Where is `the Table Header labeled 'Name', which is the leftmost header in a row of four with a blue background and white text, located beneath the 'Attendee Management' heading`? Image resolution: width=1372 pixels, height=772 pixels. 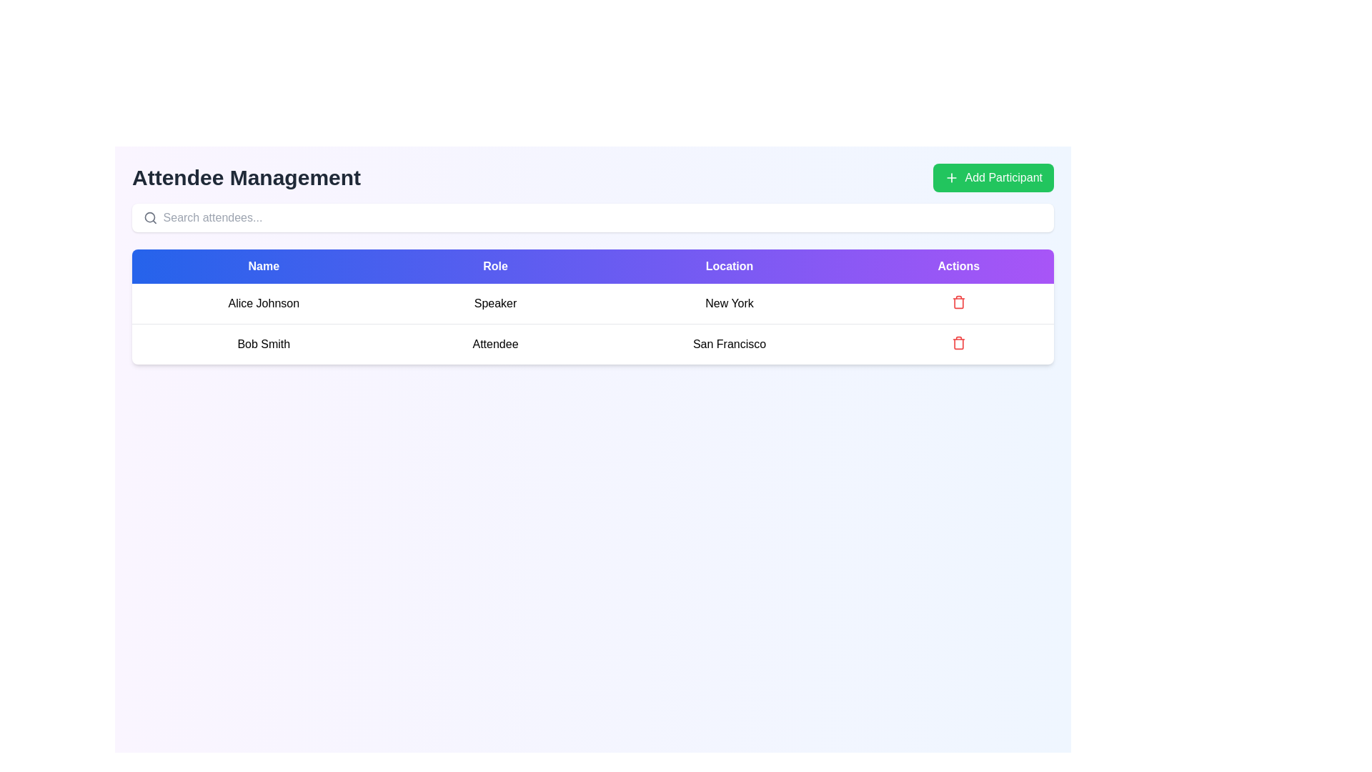 the Table Header labeled 'Name', which is the leftmost header in a row of four with a blue background and white text, located beneath the 'Attendee Management' heading is located at coordinates (264, 267).